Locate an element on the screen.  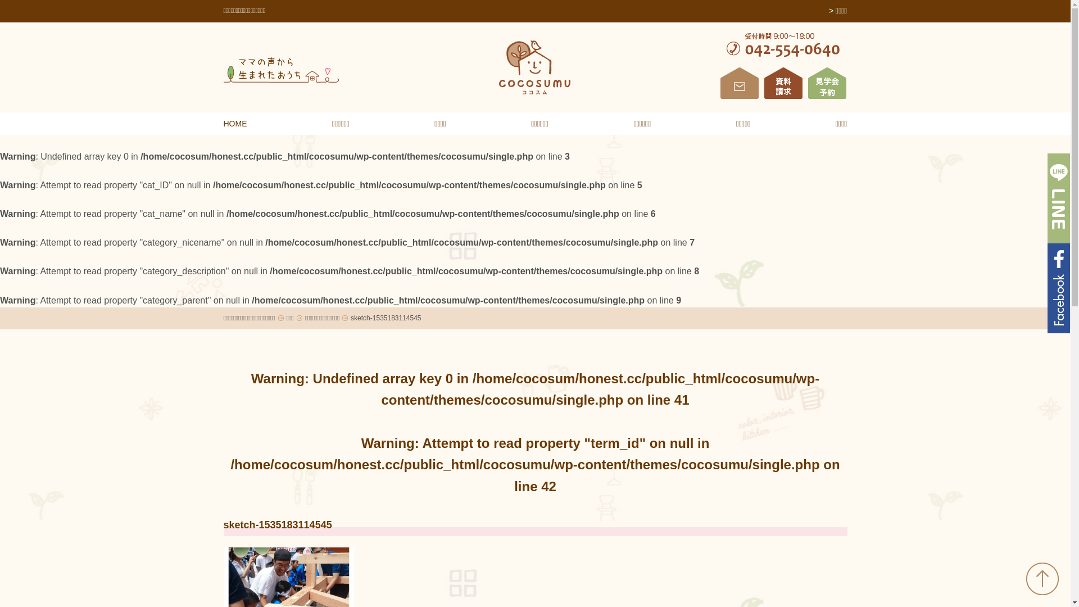
'HOME' is located at coordinates (224, 123).